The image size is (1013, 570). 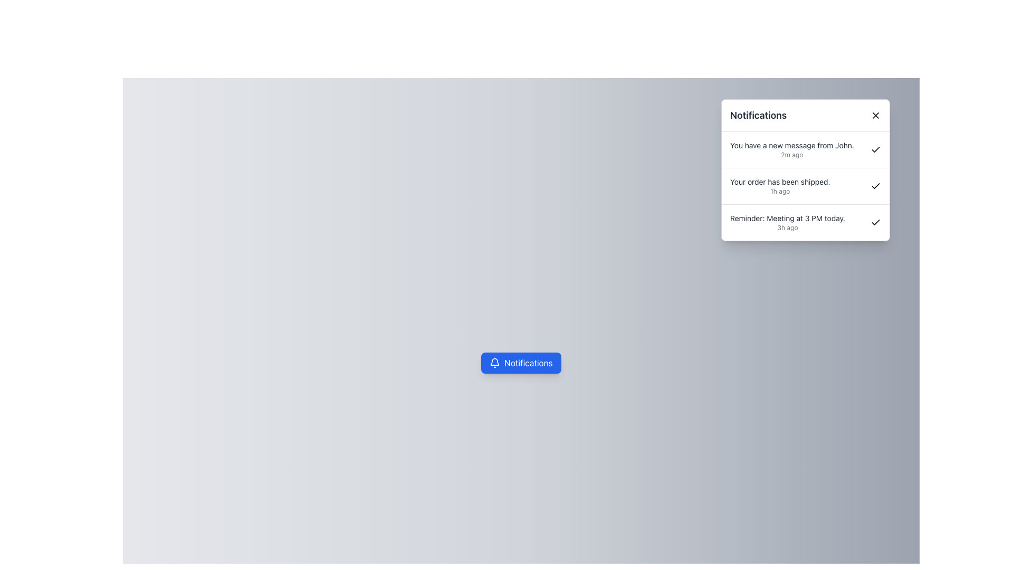 I want to click on the static text field that reads 'Your order has been shipped.' located at the top of the notification block in the top-right corner of the interface, so click(x=780, y=181).